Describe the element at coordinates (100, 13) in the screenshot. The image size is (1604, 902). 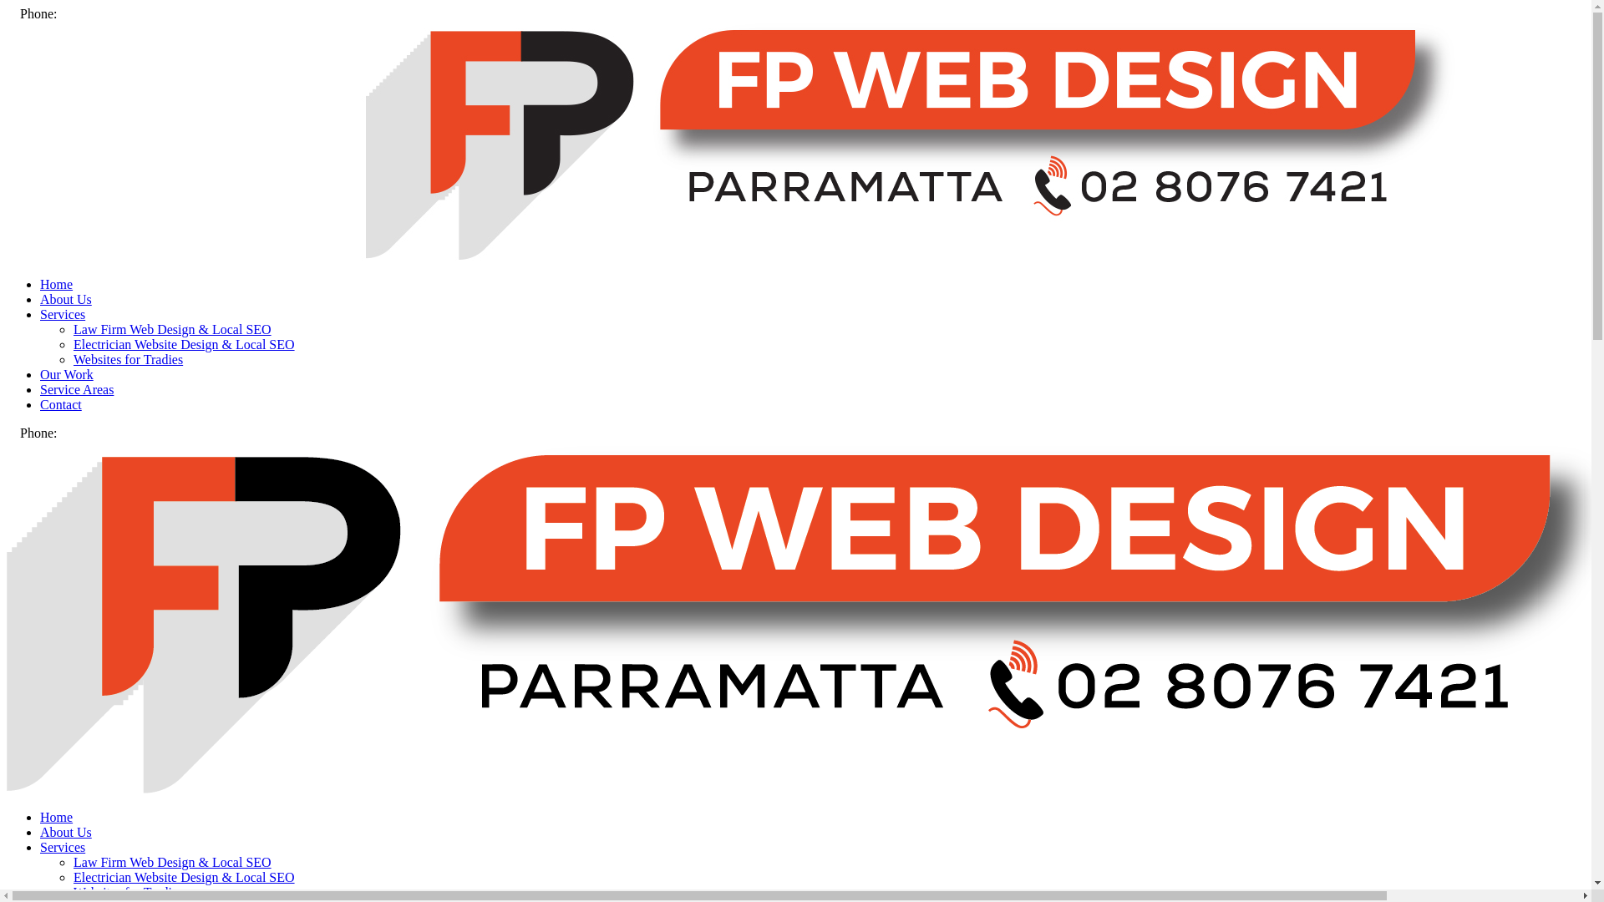
I see `'(02) 8076 7421'` at that location.